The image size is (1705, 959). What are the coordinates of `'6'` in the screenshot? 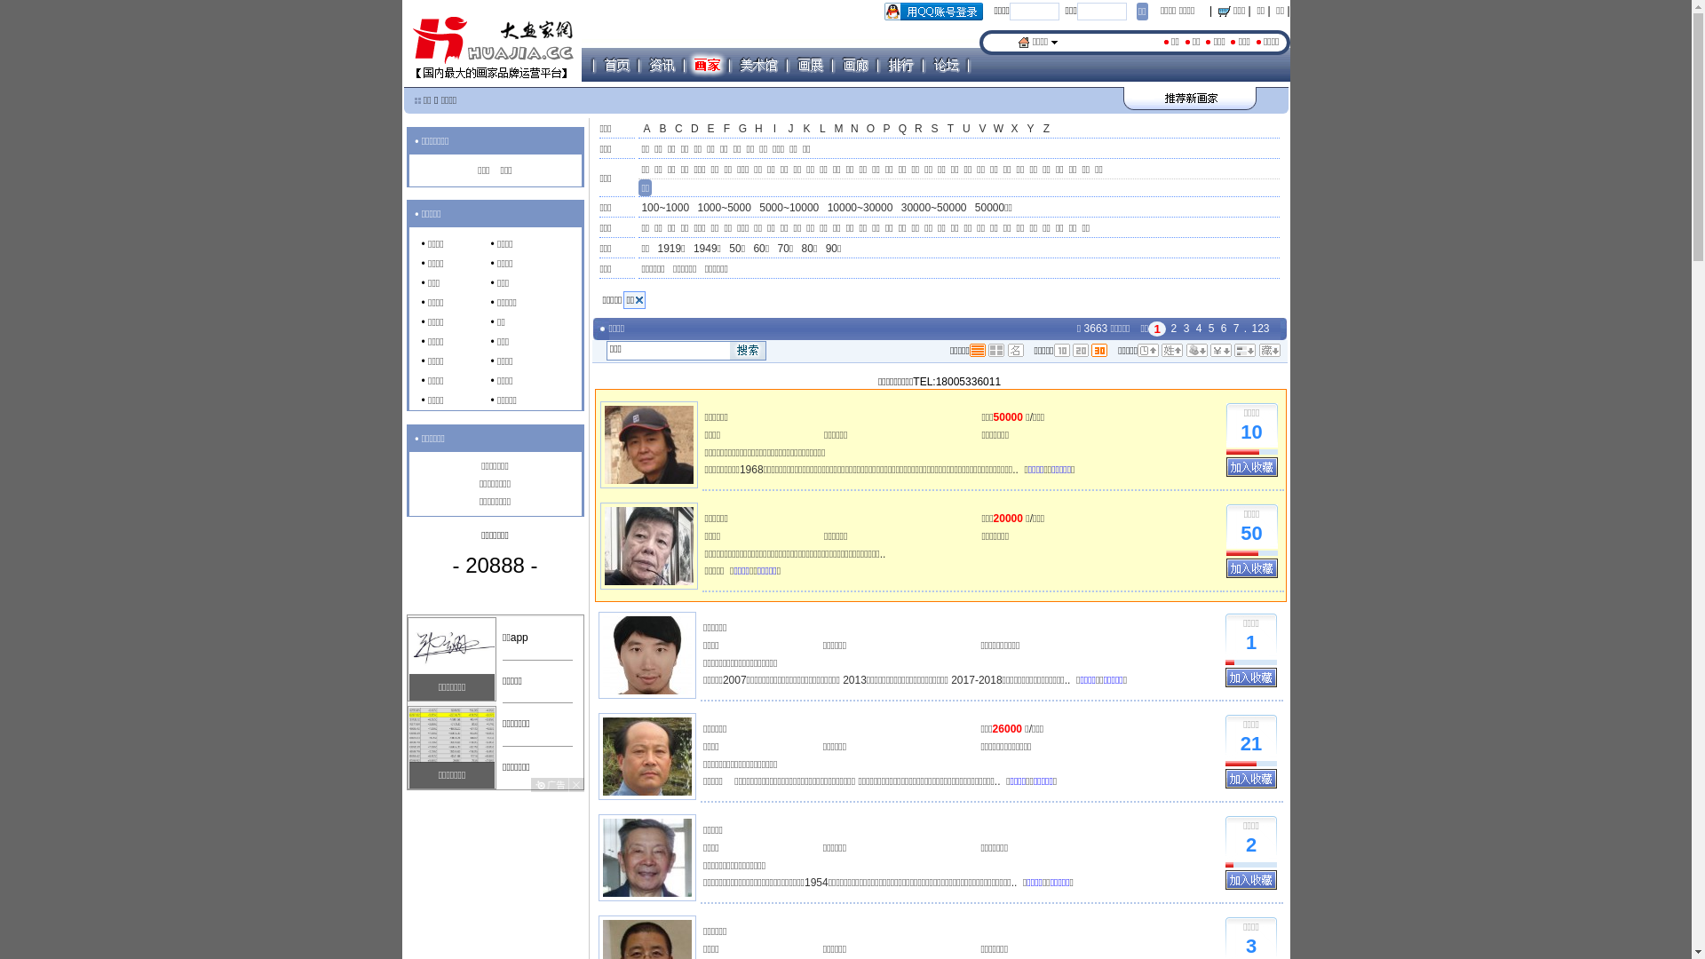 It's located at (1217, 329).